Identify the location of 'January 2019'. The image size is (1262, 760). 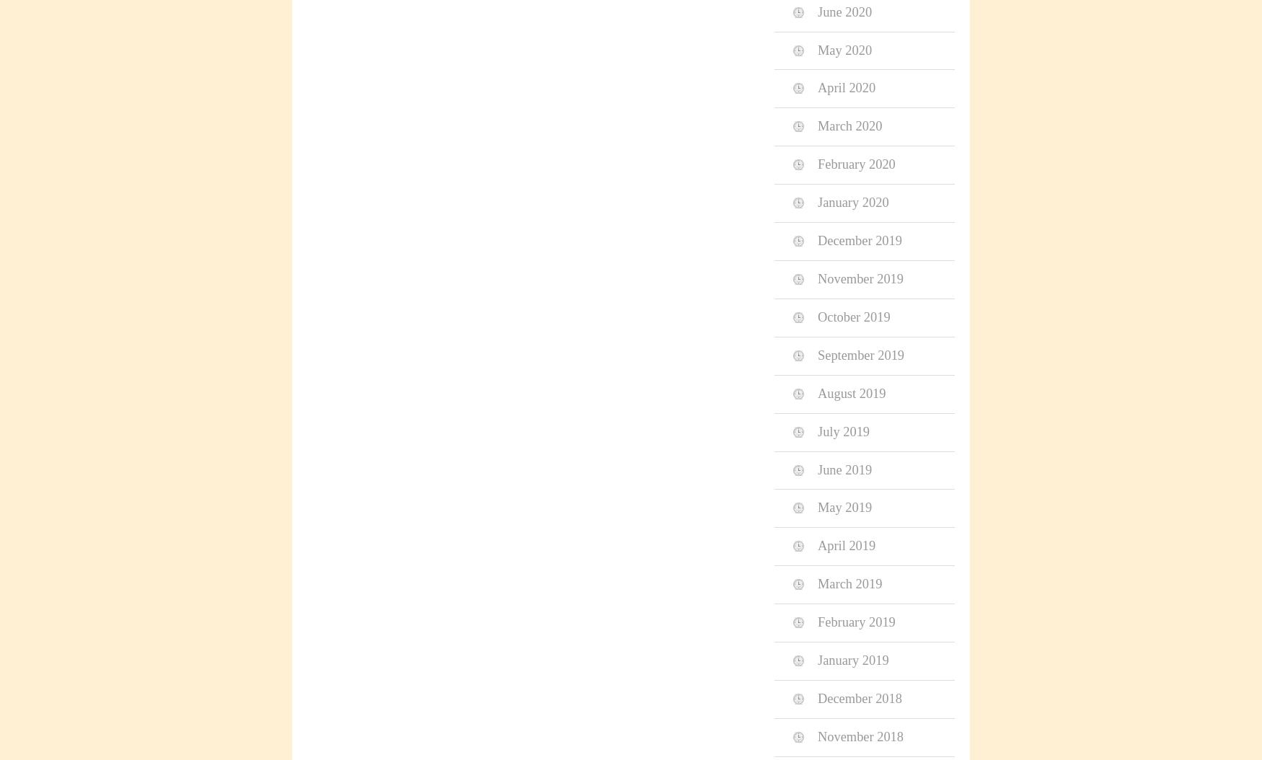
(817, 660).